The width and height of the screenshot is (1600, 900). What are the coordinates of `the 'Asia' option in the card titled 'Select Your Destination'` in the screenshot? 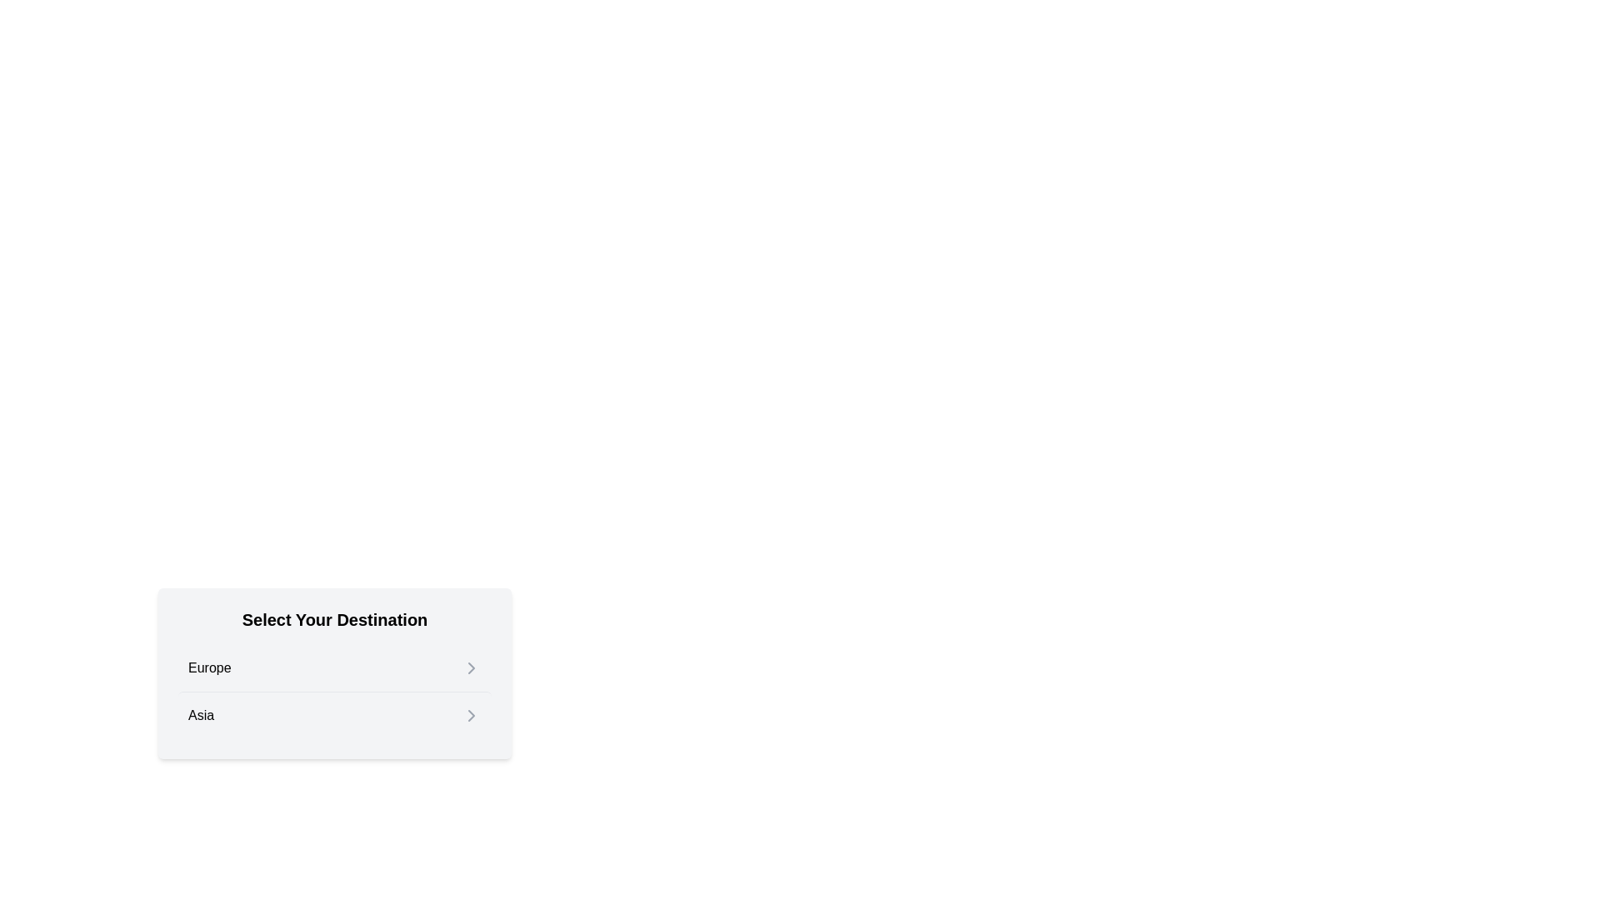 It's located at (334, 709).